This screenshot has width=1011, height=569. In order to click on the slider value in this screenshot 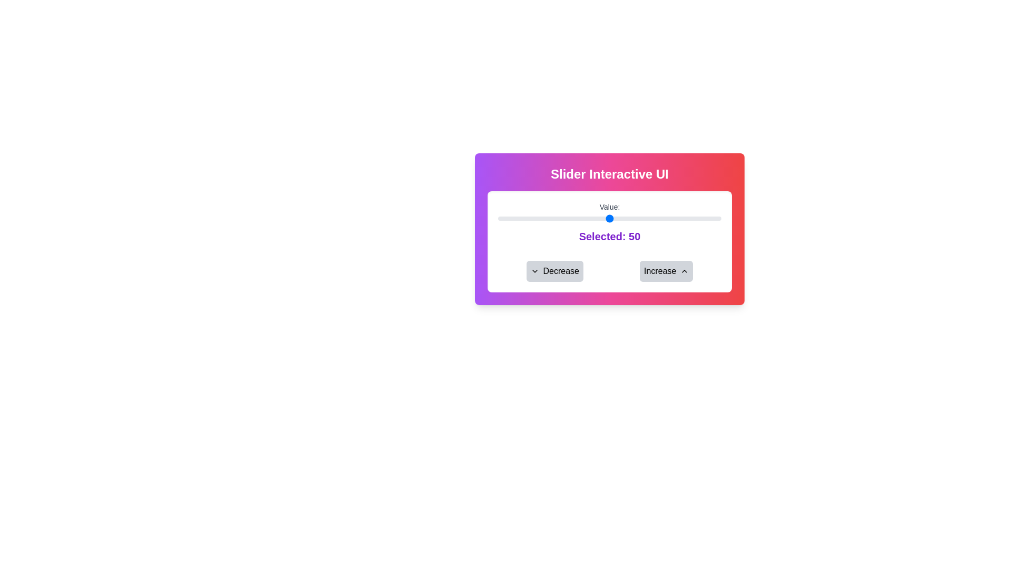, I will do `click(587, 218)`.